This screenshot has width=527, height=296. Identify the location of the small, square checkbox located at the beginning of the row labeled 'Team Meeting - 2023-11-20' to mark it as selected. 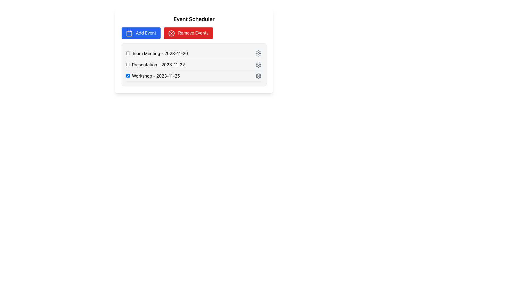
(128, 53).